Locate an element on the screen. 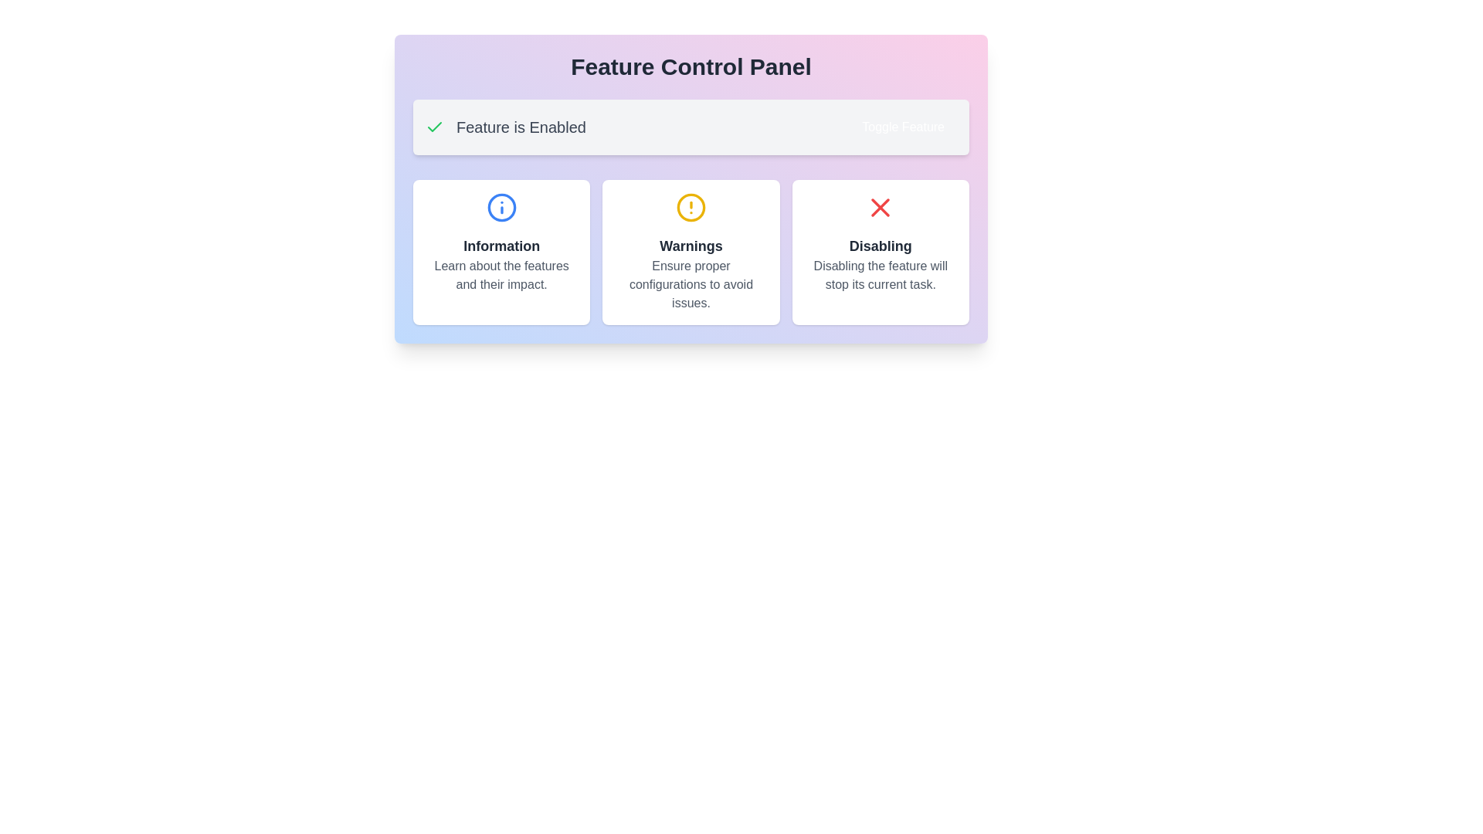 The image size is (1483, 834). the title text label of the rightmost card that communicates the consequences of disabling a feature in the Feature Control Panel is located at coordinates (881, 246).